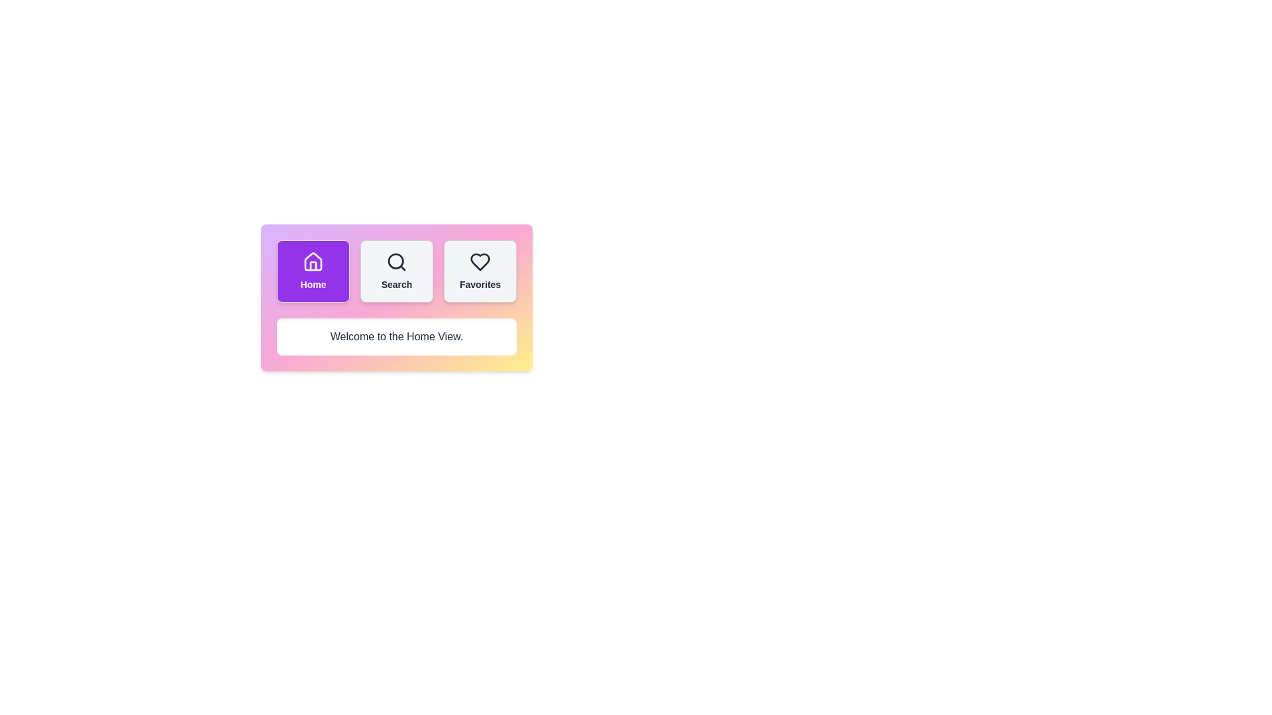 This screenshot has width=1272, height=715. I want to click on the middle button in the row of three buttons, so click(396, 270).